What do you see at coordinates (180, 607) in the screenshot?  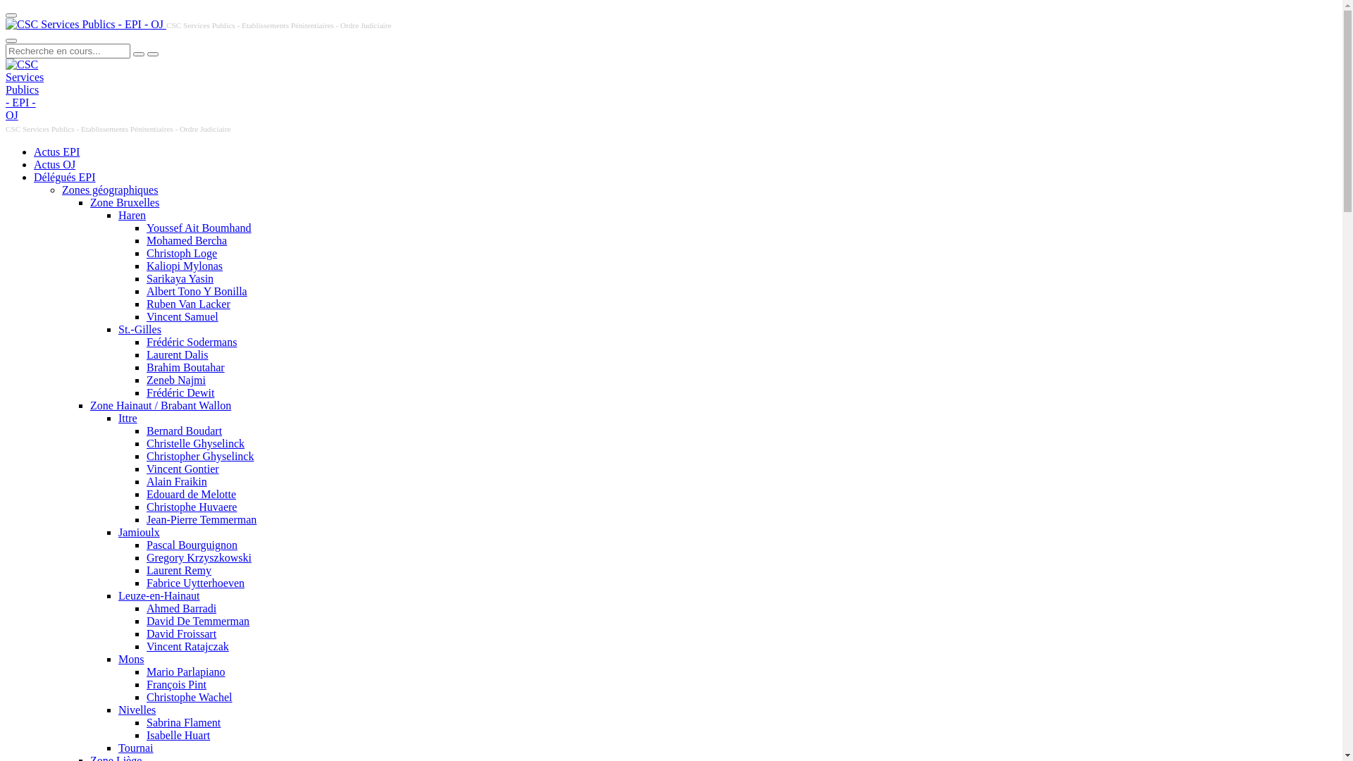 I see `'Ahmed Barradi'` at bounding box center [180, 607].